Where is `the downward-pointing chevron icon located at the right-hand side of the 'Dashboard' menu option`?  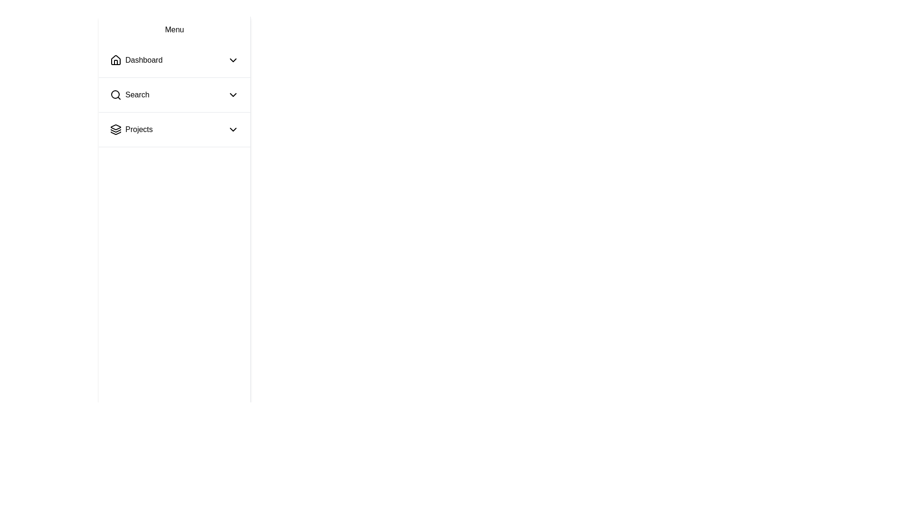 the downward-pointing chevron icon located at the right-hand side of the 'Dashboard' menu option is located at coordinates (233, 60).